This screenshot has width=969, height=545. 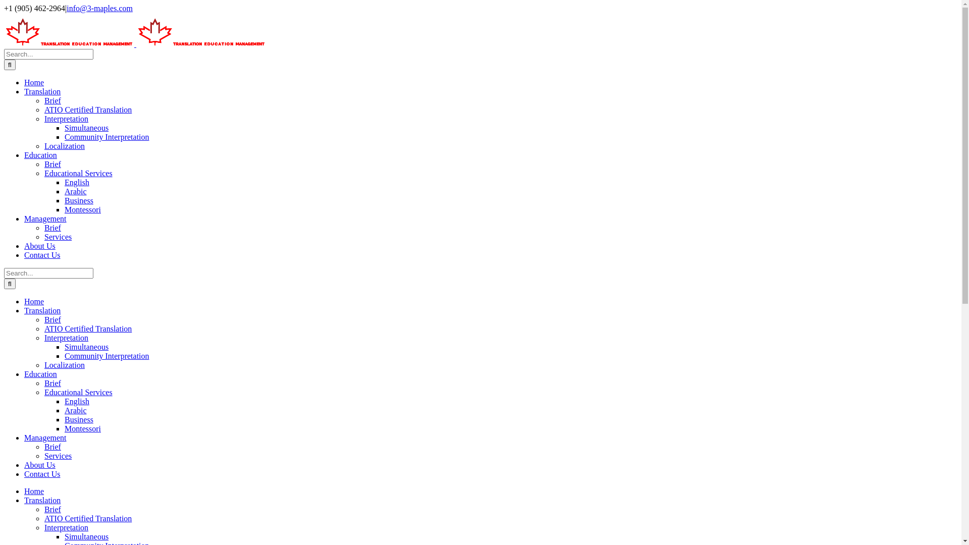 I want to click on 'Education', so click(x=40, y=155).